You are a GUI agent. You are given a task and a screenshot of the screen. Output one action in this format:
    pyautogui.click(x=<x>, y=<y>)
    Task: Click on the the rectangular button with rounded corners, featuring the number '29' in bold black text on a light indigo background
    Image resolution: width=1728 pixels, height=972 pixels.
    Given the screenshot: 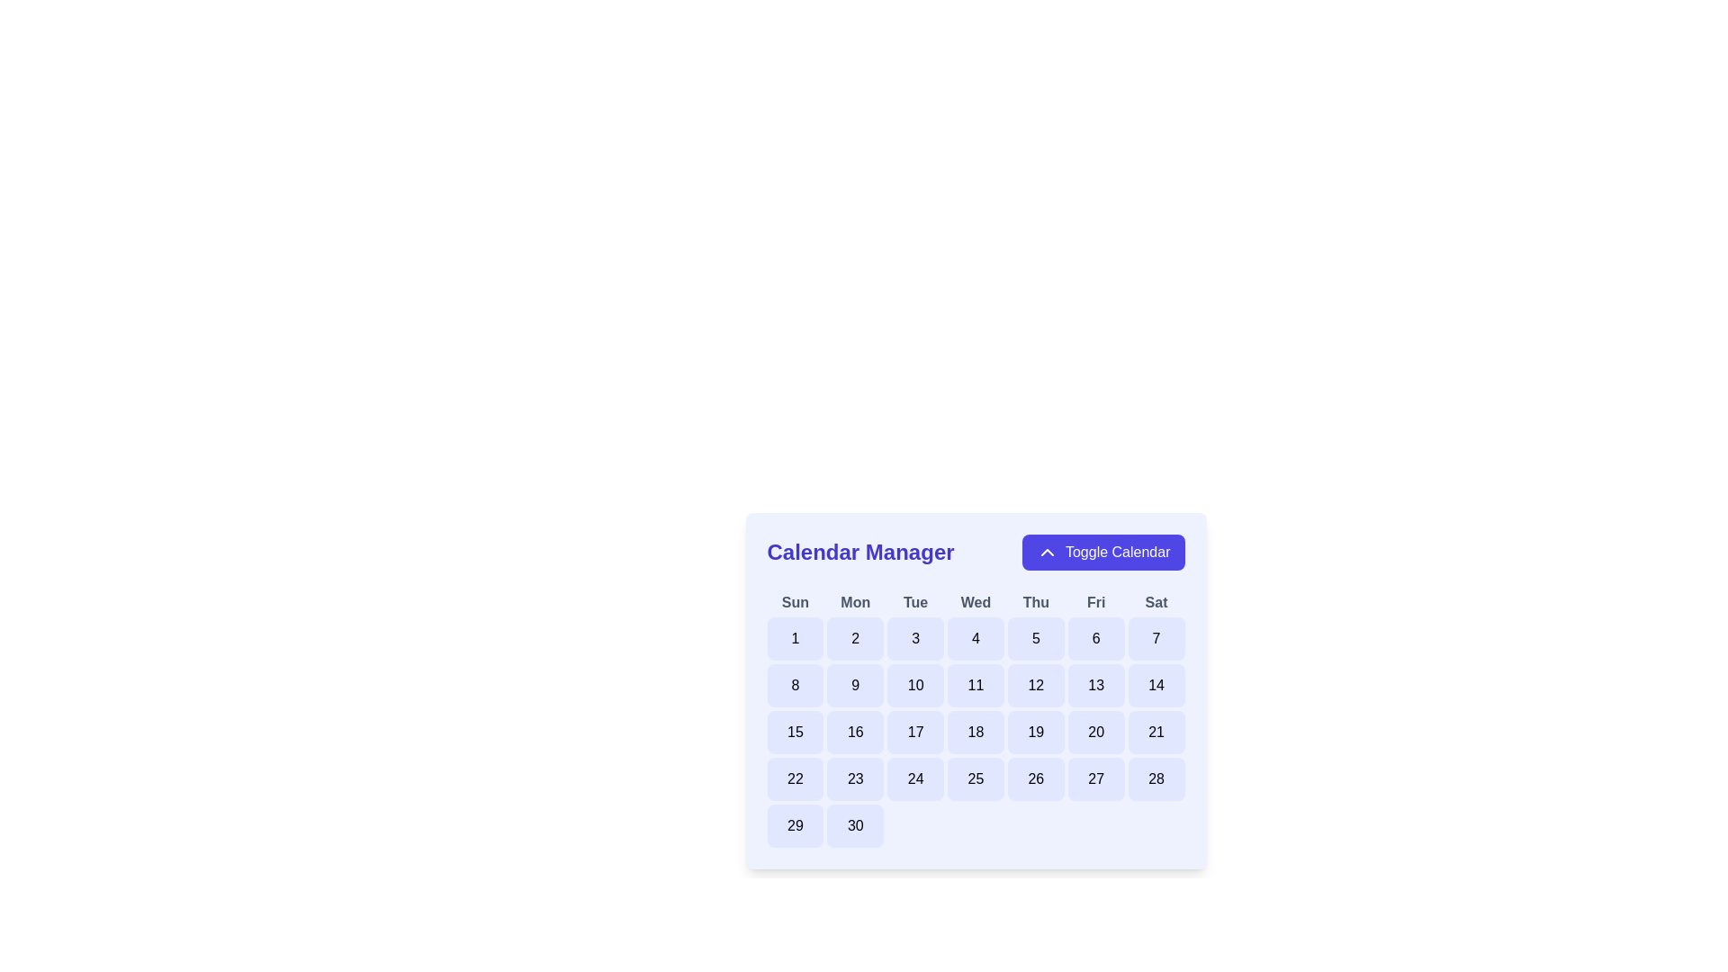 What is the action you would take?
    pyautogui.click(x=794, y=826)
    